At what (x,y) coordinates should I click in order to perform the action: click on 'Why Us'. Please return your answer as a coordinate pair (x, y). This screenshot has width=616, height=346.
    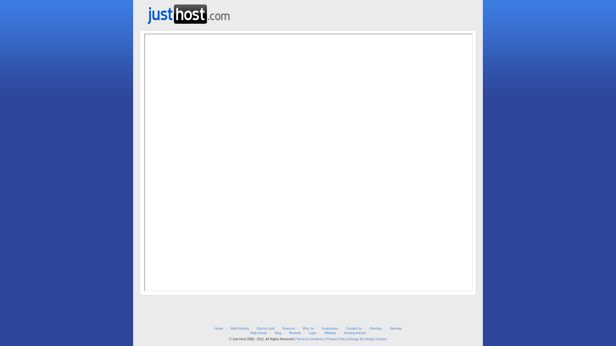
    Looking at the image, I should click on (308, 328).